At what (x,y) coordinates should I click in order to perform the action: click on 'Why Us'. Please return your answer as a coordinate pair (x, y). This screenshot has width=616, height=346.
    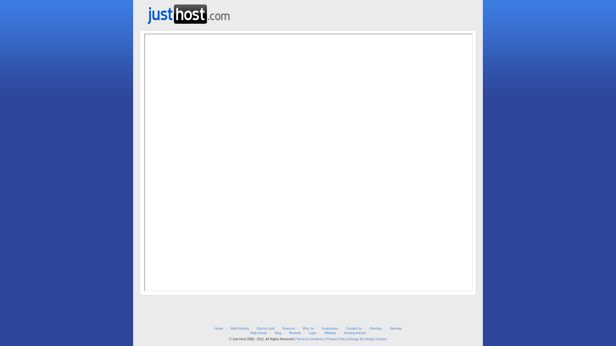
    Looking at the image, I should click on (308, 328).